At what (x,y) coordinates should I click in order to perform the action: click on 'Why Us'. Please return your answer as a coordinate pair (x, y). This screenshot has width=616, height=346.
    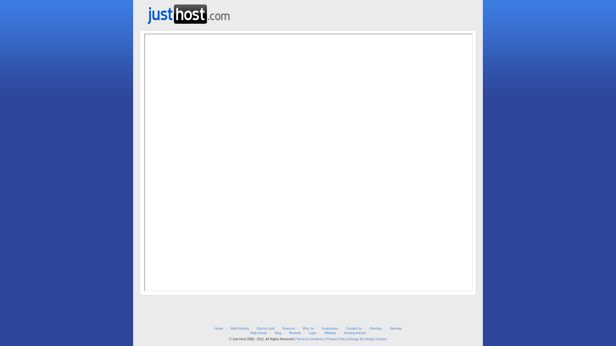
    Looking at the image, I should click on (308, 328).